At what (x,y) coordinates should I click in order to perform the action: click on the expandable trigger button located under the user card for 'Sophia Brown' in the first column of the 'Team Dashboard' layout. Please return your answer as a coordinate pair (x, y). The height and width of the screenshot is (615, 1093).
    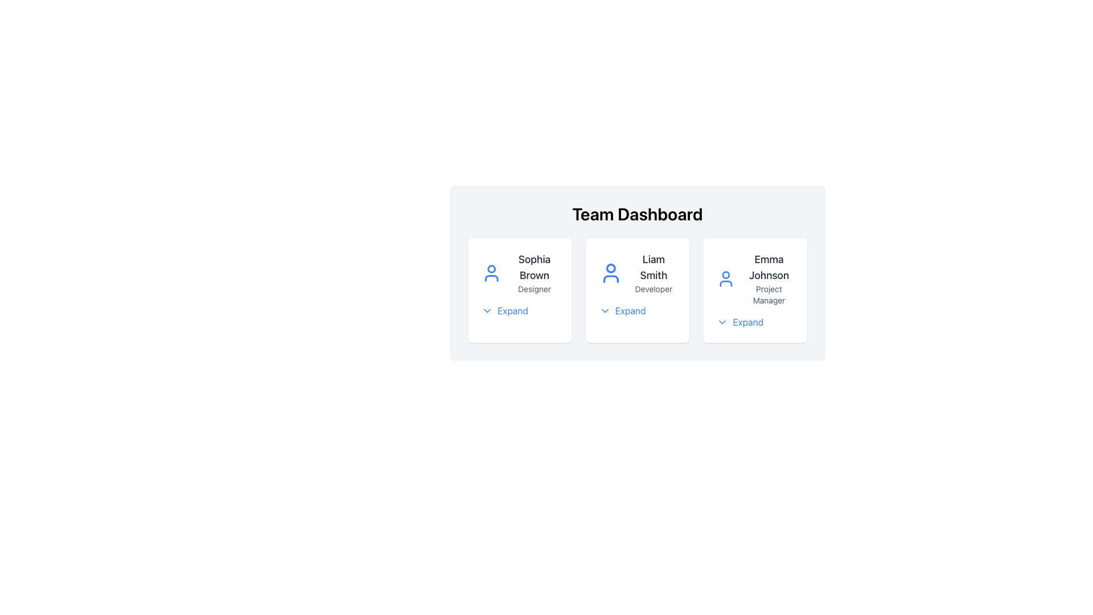
    Looking at the image, I should click on (504, 311).